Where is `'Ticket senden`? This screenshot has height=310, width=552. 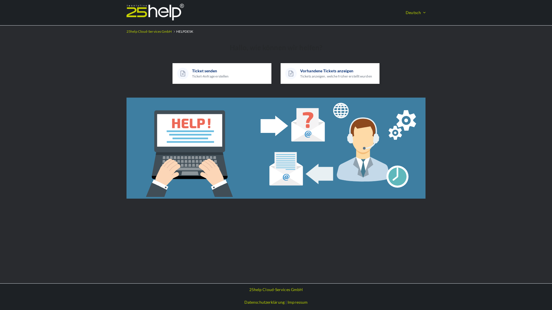
'Ticket senden is located at coordinates (222, 73).